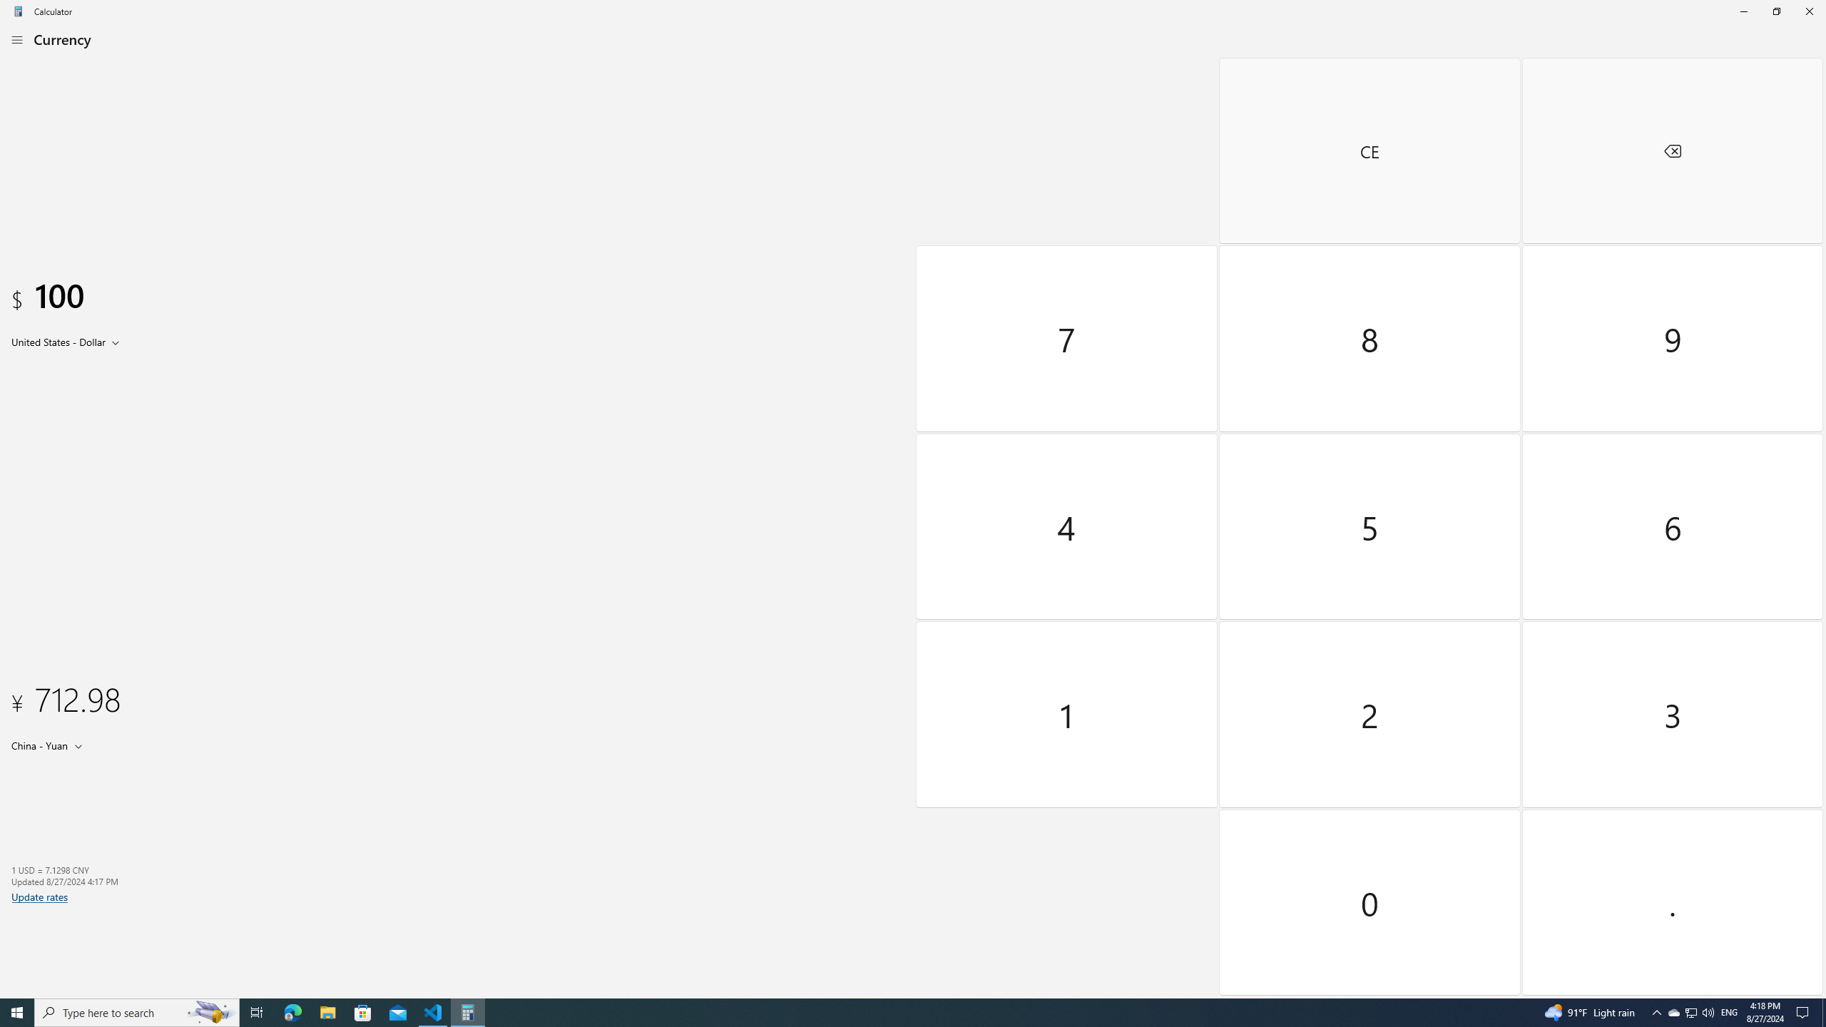 Image resolution: width=1826 pixels, height=1027 pixels. Describe the element at coordinates (1369, 525) in the screenshot. I see `'Five'` at that location.